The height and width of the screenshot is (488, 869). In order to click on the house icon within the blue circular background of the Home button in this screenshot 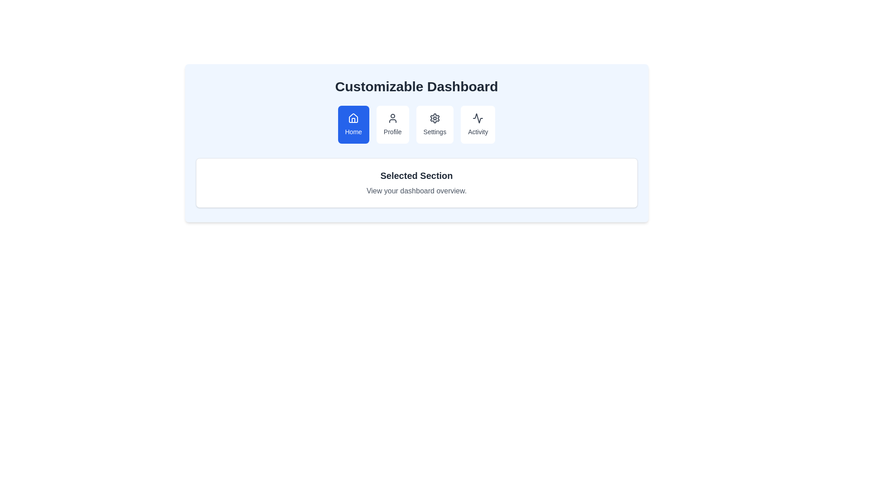, I will do `click(353, 118)`.